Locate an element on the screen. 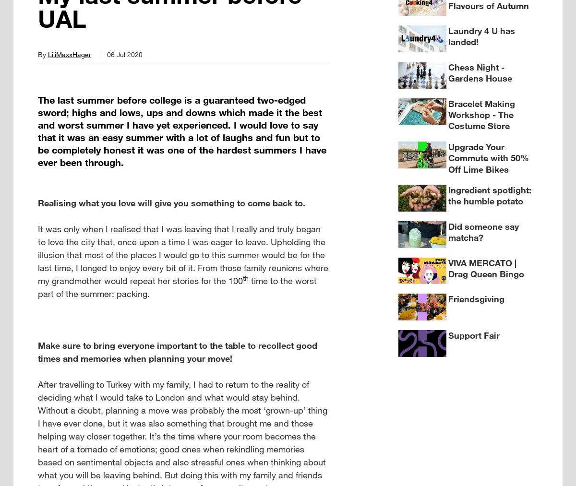 Image resolution: width=576 pixels, height=486 pixels. 'LiliMaxxHager' is located at coordinates (69, 54).